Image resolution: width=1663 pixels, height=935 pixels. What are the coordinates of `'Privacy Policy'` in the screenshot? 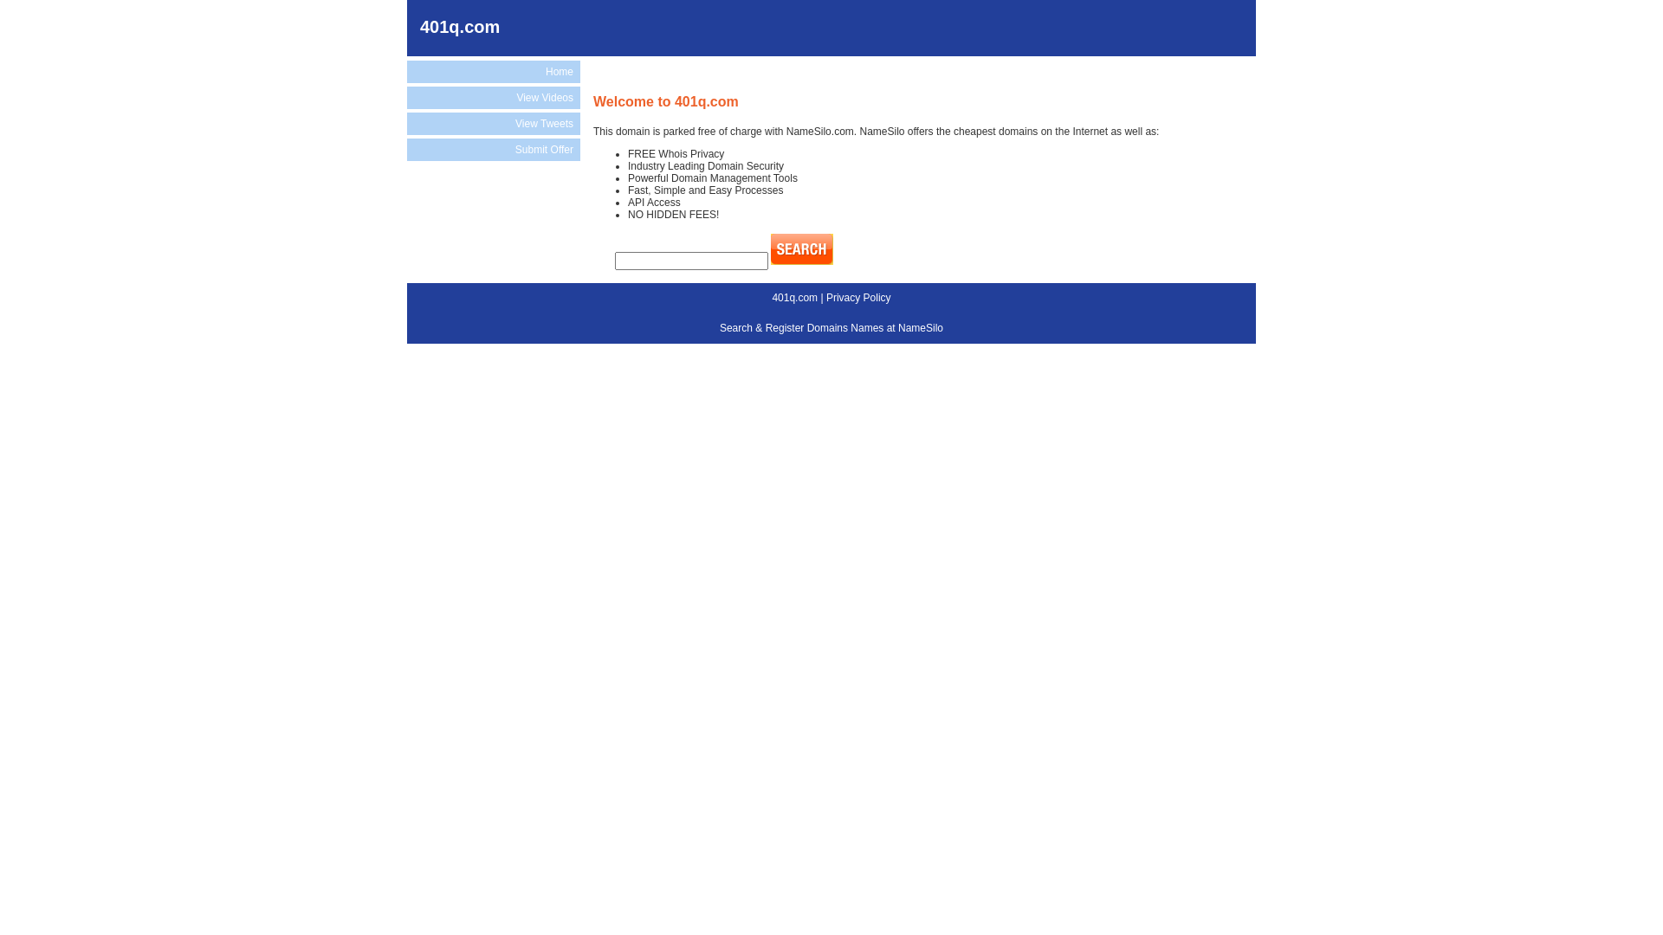 It's located at (825, 296).